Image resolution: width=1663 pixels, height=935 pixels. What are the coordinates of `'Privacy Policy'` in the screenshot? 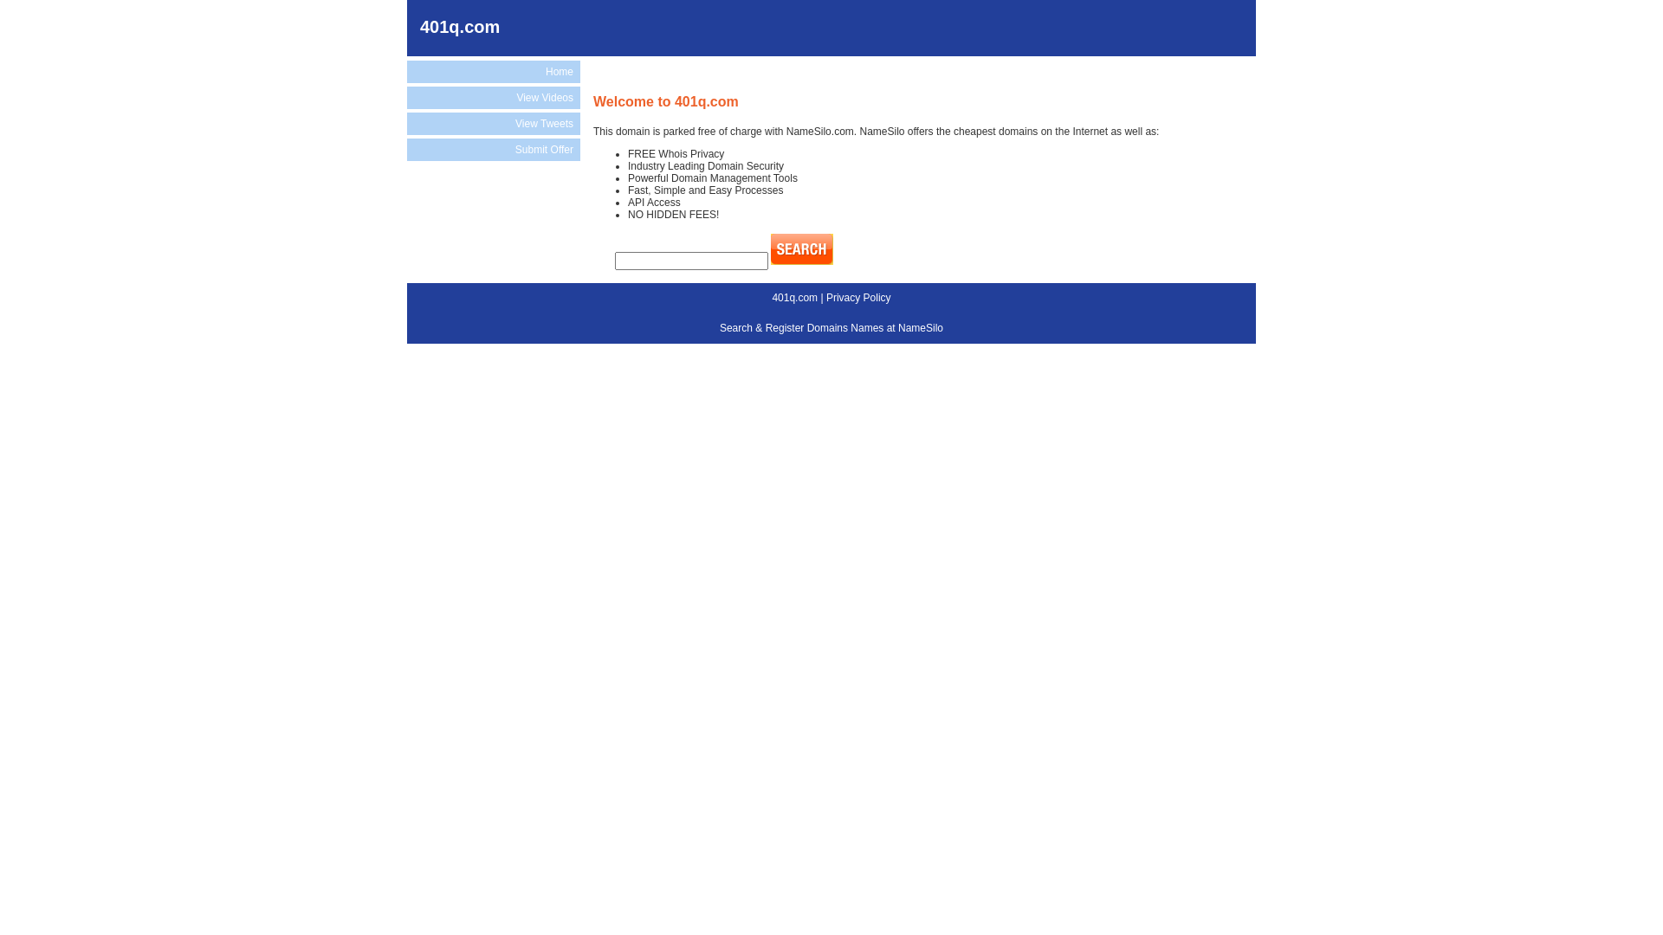 It's located at (825, 296).